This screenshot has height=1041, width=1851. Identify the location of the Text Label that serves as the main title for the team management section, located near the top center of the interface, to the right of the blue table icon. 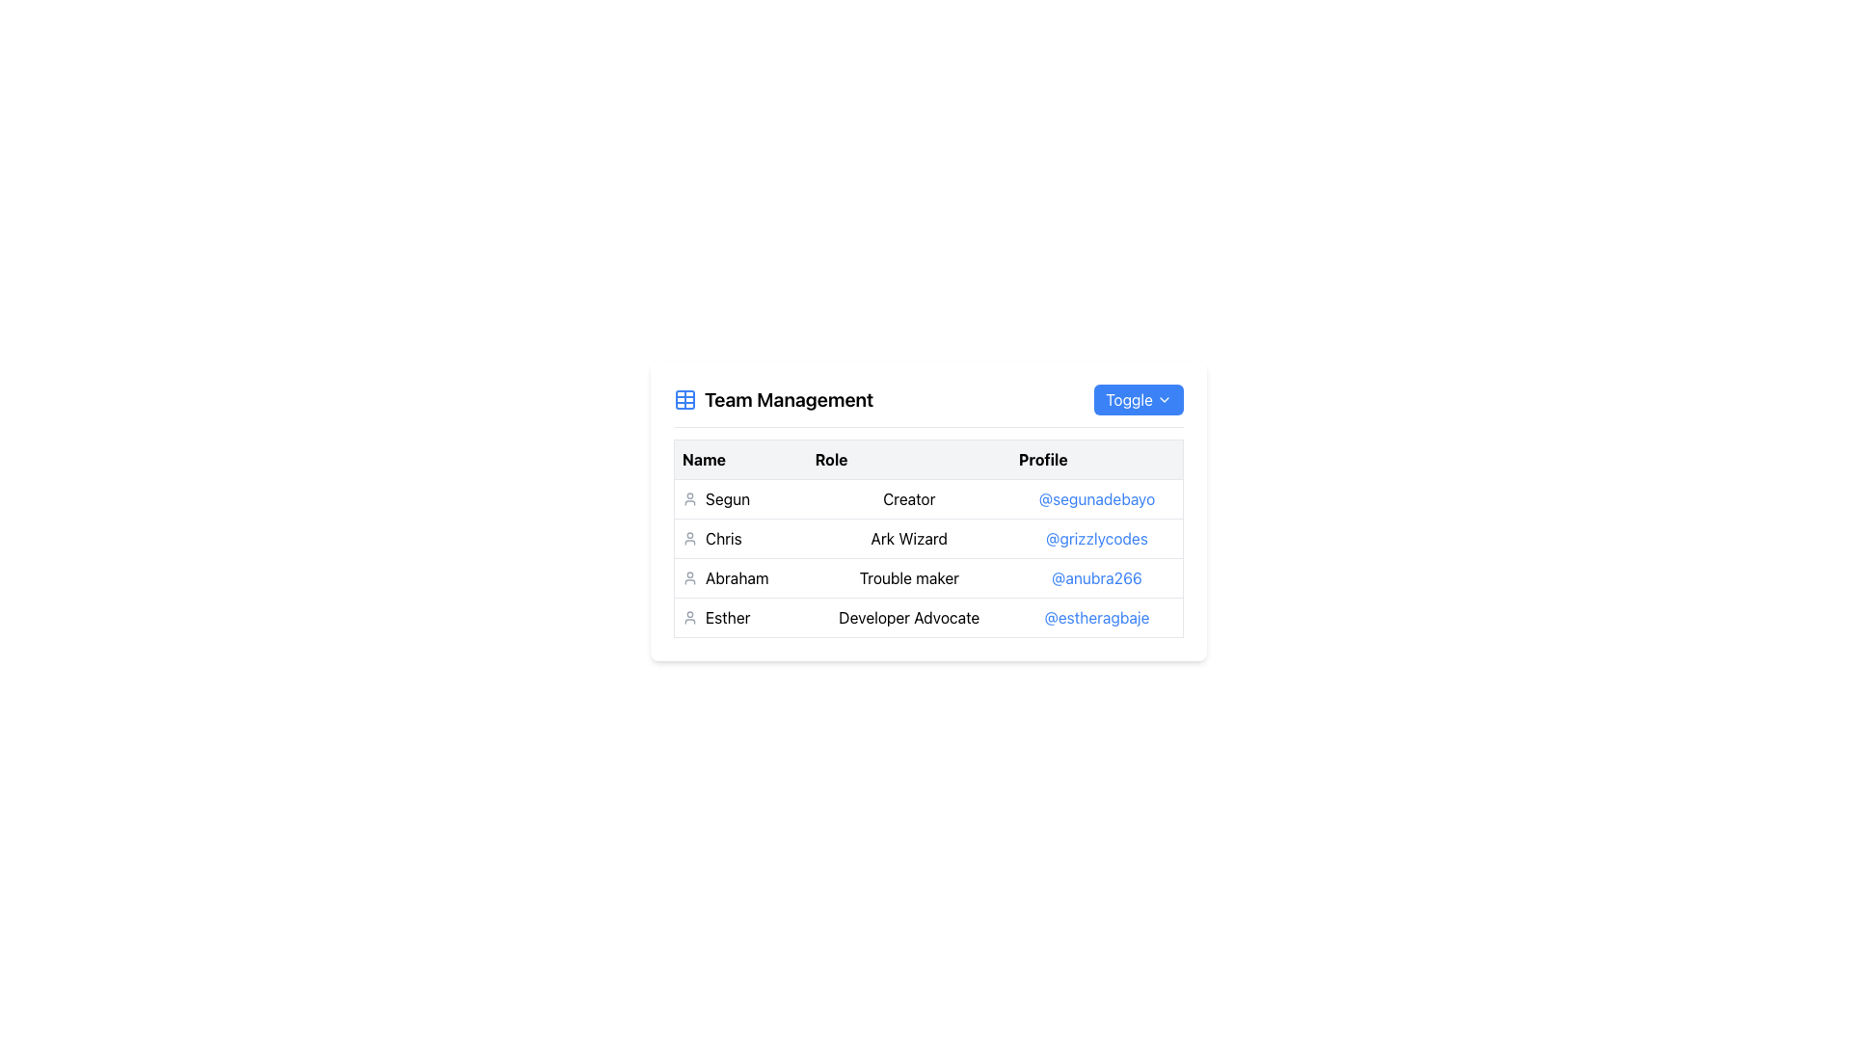
(789, 399).